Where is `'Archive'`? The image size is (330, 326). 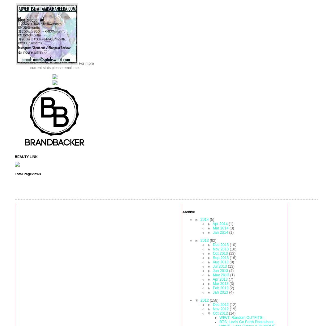
'Archive' is located at coordinates (182, 211).